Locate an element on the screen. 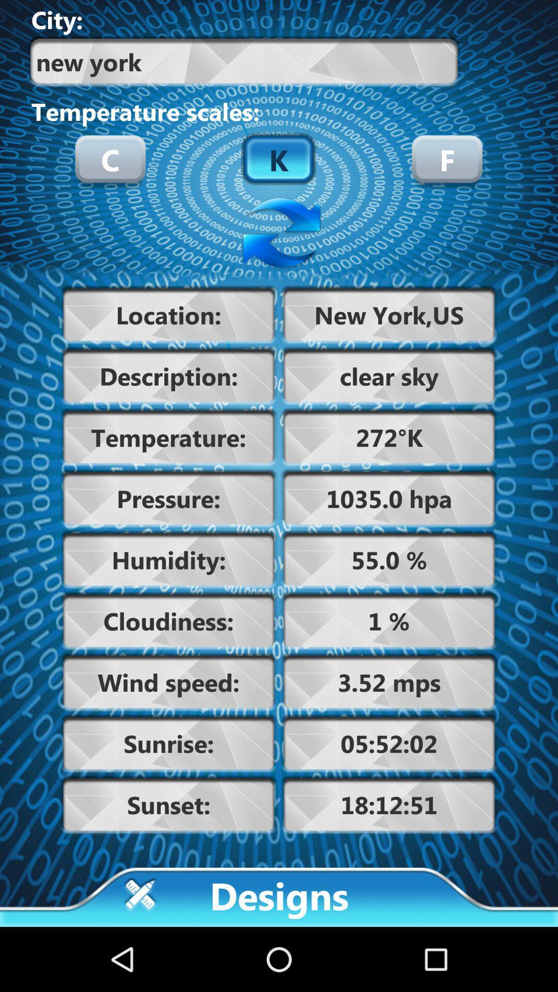 The width and height of the screenshot is (558, 992). the k button is located at coordinates (278, 158).